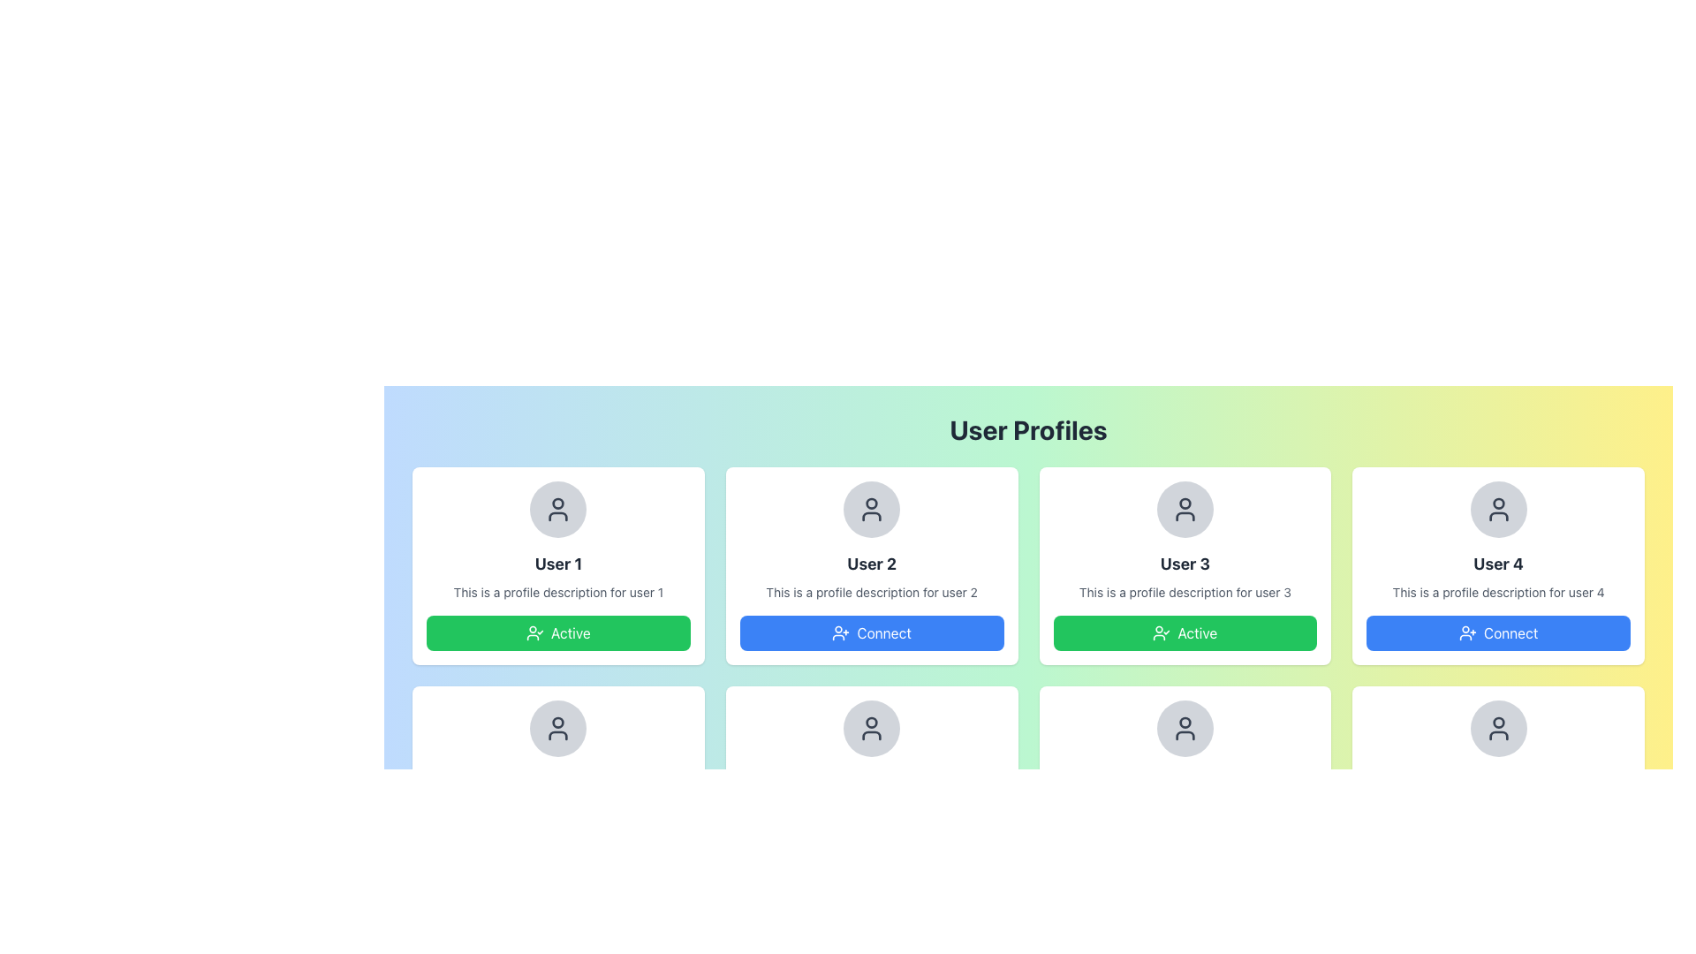 The height and width of the screenshot is (954, 1696). Describe the element at coordinates (1185, 503) in the screenshot. I see `the visual indicator located within the 'User 3' card's profile image section, which is nested inside the head symbol of the user icon at the top of the card` at that location.